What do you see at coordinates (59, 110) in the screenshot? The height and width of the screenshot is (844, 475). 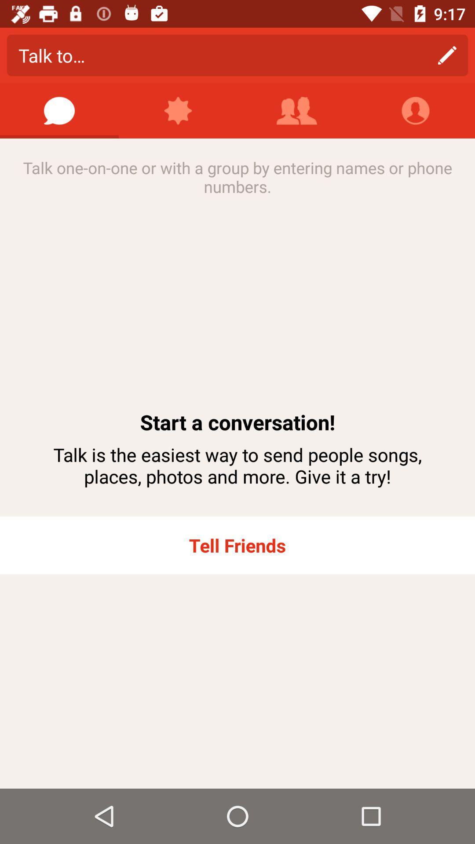 I see `app above the talk one on icon` at bounding box center [59, 110].